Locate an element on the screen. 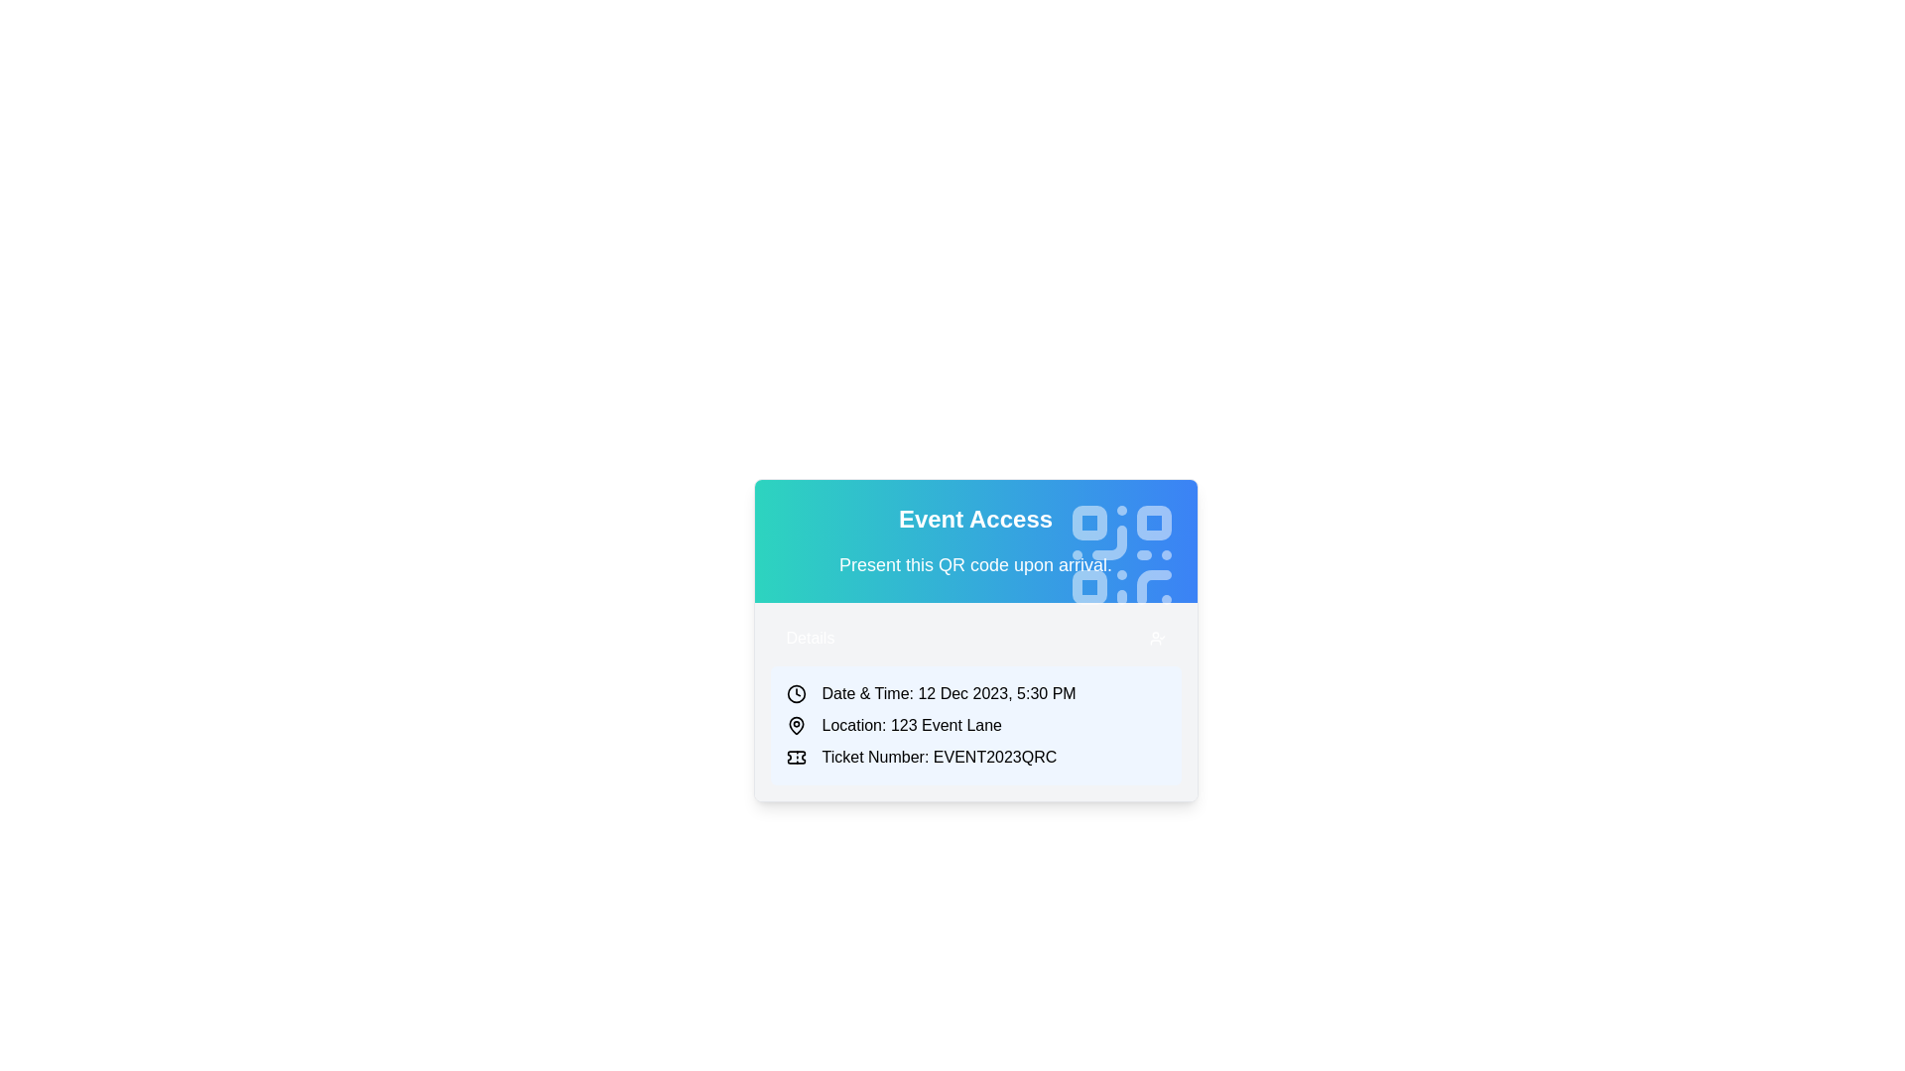  the blue rounded rectangle in the lower-left quadrant of the QR code section of the card layout is located at coordinates (1088, 586).